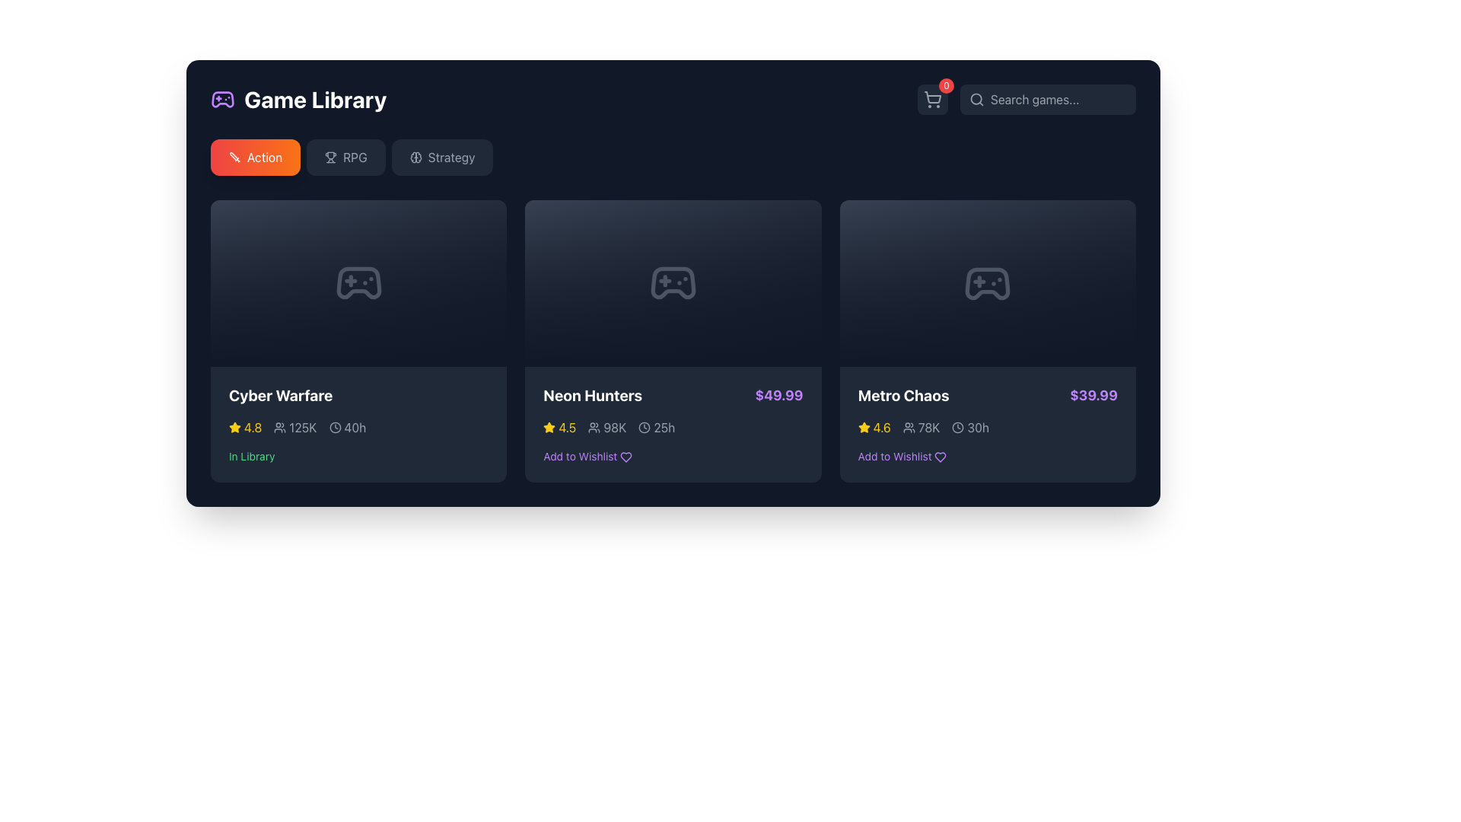  I want to click on the 'Action' button text, which is styled in white on an orange-red gradient background, located within the first button of the horizontal category buttons below the 'Game Library' title, so click(265, 158).